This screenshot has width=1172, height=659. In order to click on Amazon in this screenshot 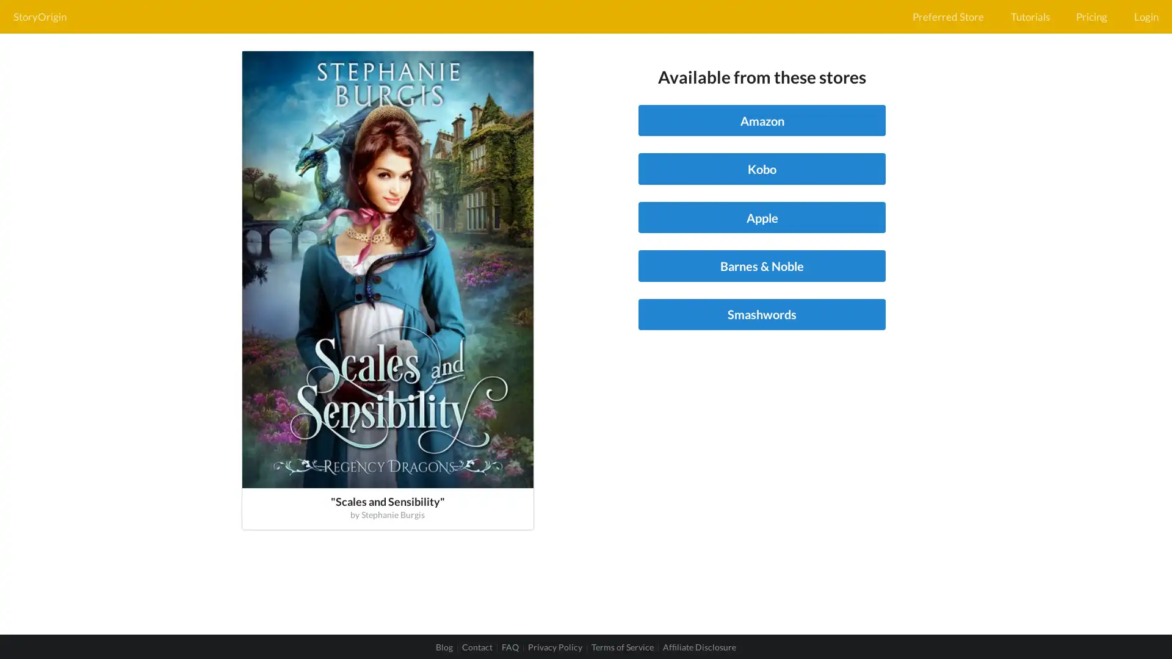, I will do `click(761, 120)`.